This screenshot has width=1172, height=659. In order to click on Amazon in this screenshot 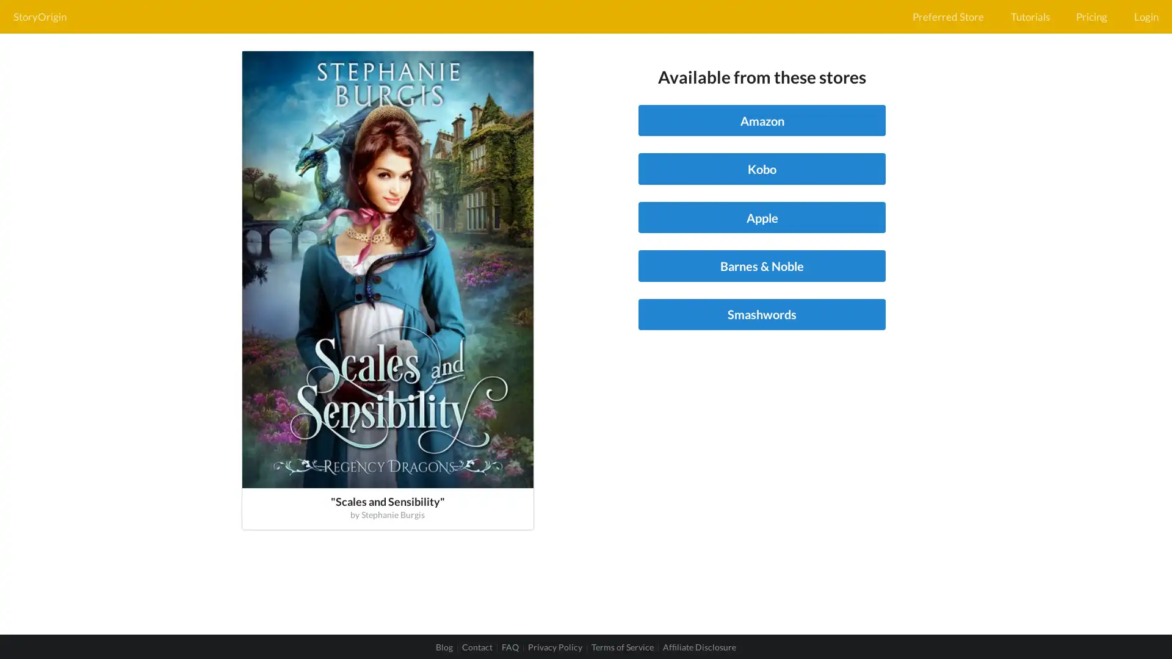, I will do `click(761, 120)`.